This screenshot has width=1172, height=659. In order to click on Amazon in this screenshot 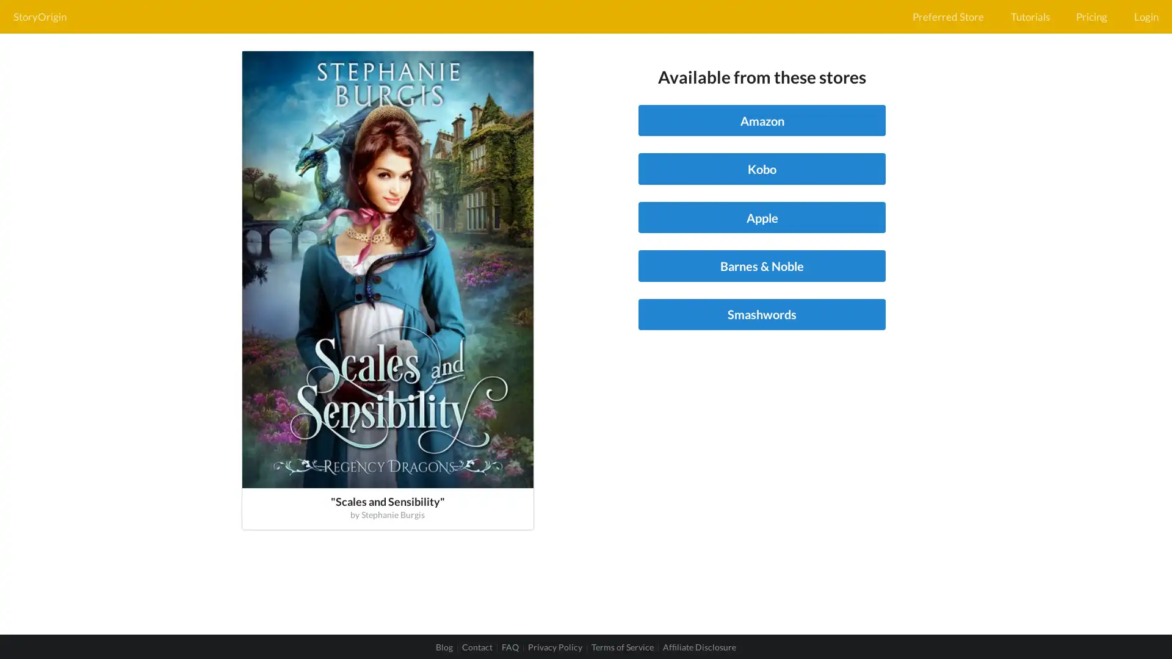, I will do `click(761, 120)`.